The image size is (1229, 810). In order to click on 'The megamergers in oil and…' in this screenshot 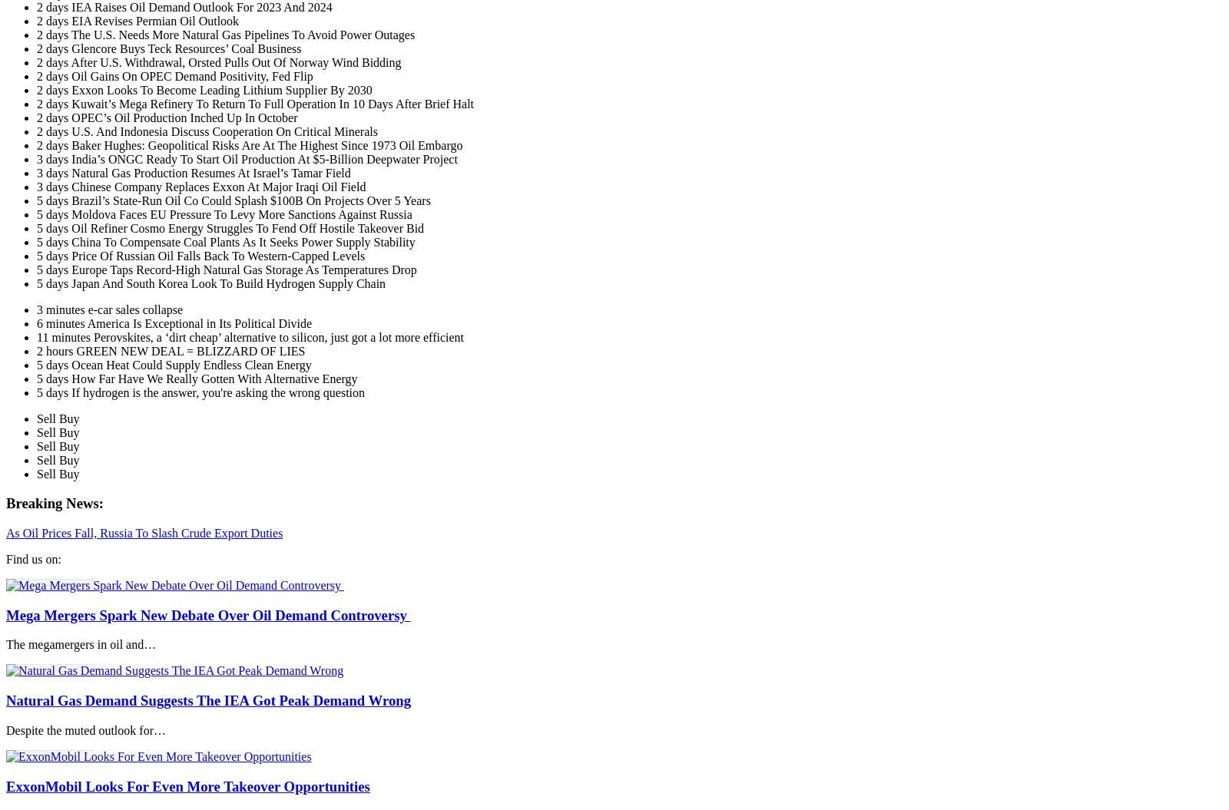, I will do `click(80, 644)`.